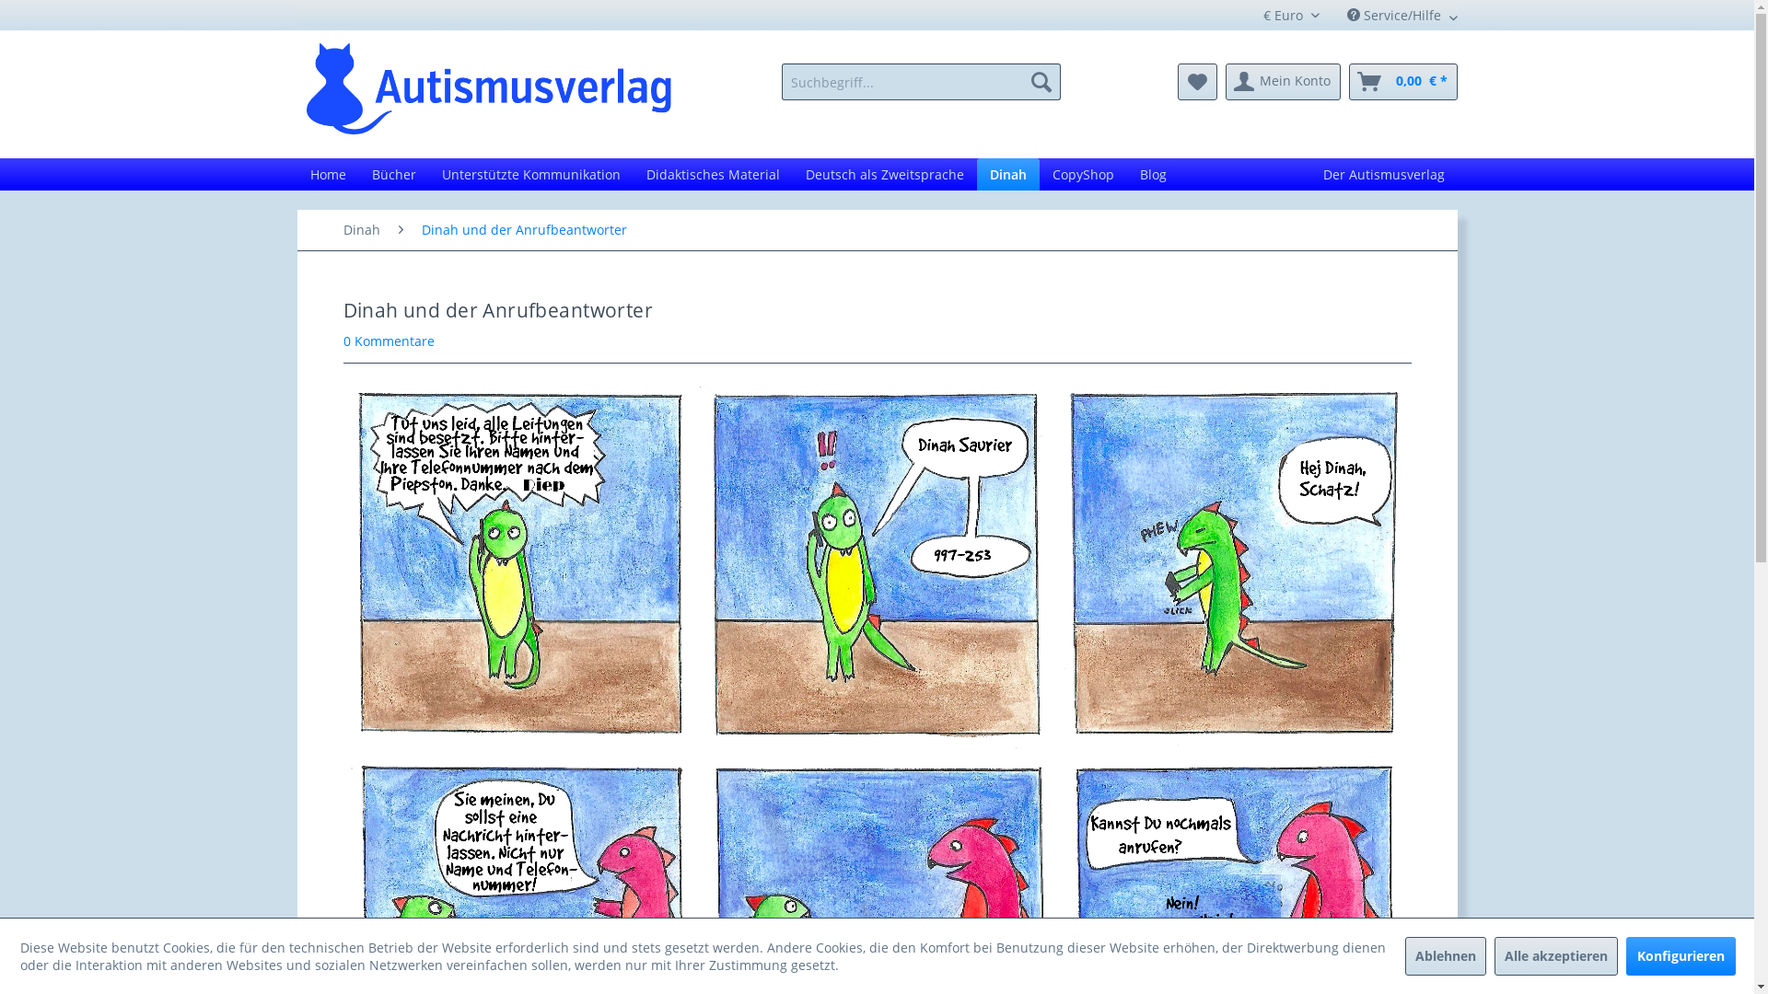 This screenshot has width=1768, height=994. Describe the element at coordinates (1404, 954) in the screenshot. I see `'Ablehnen'` at that location.